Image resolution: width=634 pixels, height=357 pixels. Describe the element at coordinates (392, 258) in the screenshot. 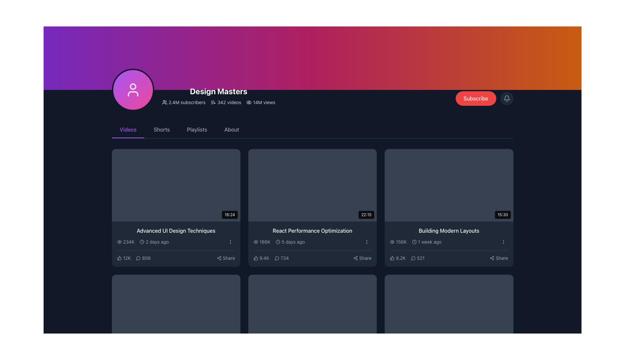

I see `the 'thumbs up' icon button located in the video interaction panel below the video titled 'Building Modern Layouts' to like the video` at that location.